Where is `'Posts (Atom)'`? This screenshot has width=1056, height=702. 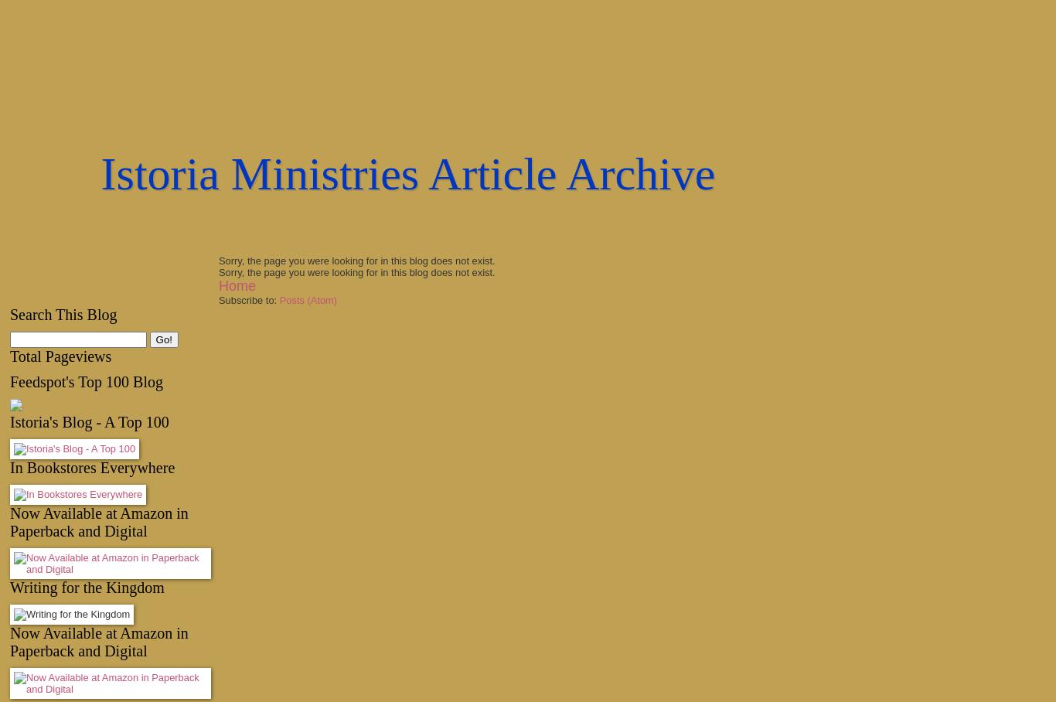 'Posts (Atom)' is located at coordinates (278, 299).